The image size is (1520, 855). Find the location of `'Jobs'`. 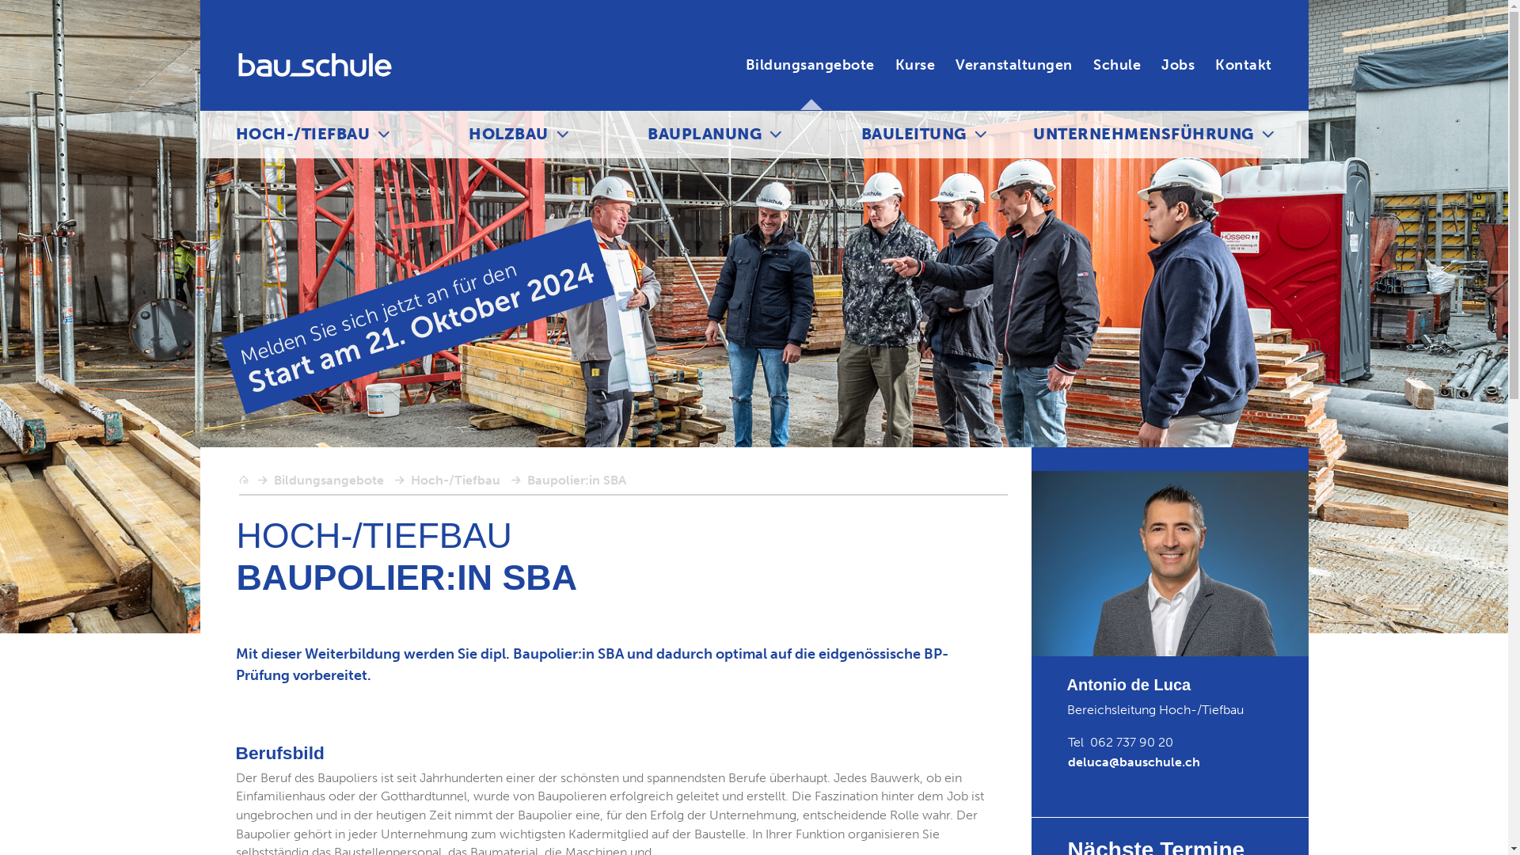

'Jobs' is located at coordinates (1178, 64).